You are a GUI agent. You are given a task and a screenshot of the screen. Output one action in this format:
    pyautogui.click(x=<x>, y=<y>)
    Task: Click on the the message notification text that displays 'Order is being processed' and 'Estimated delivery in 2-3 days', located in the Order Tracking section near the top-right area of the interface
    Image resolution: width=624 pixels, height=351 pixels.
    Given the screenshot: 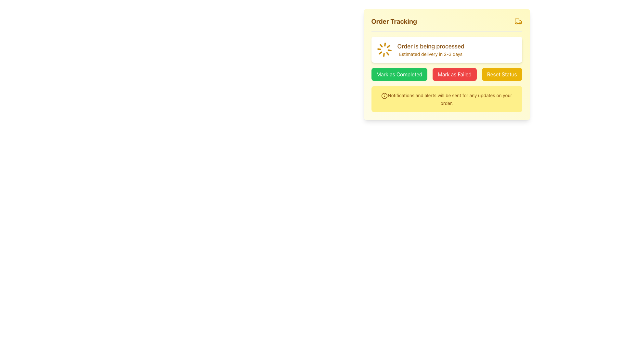 What is the action you would take?
    pyautogui.click(x=431, y=49)
    